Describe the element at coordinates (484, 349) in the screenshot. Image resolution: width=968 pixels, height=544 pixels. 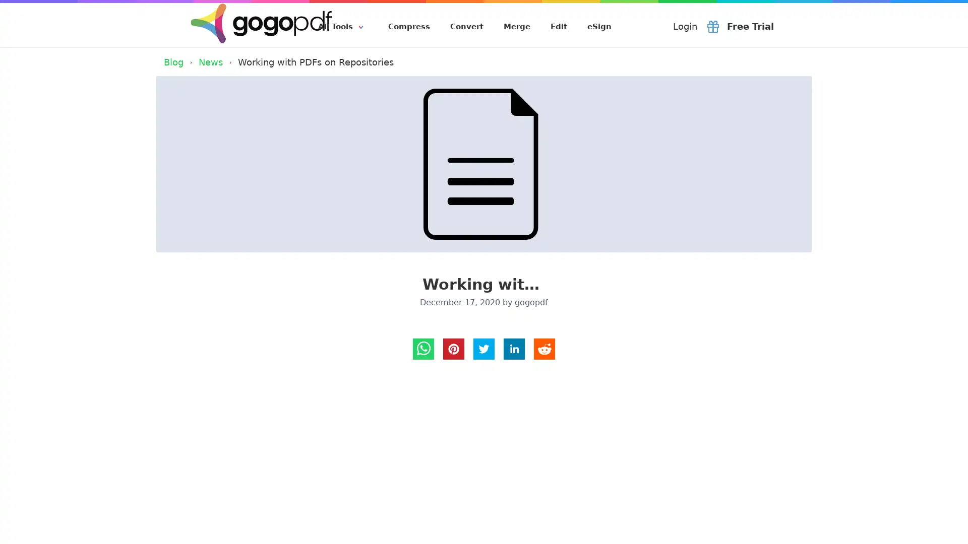
I see `Twitter` at that location.